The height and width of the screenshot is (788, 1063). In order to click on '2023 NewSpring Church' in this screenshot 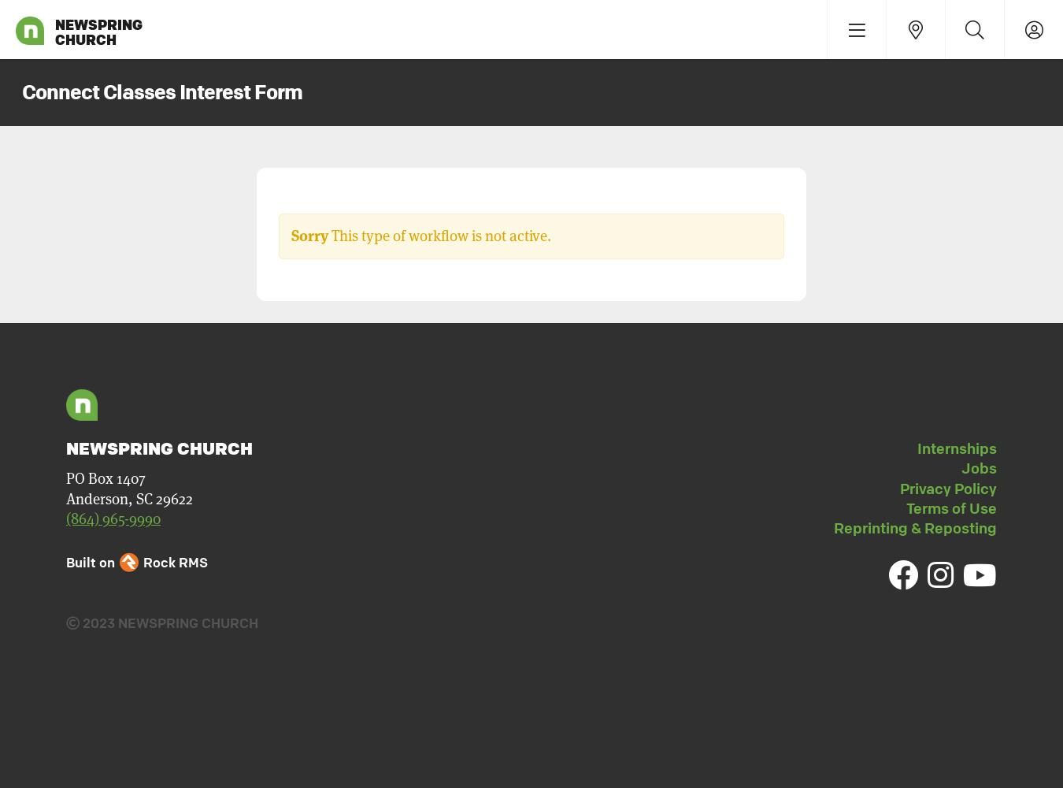, I will do `click(169, 623)`.